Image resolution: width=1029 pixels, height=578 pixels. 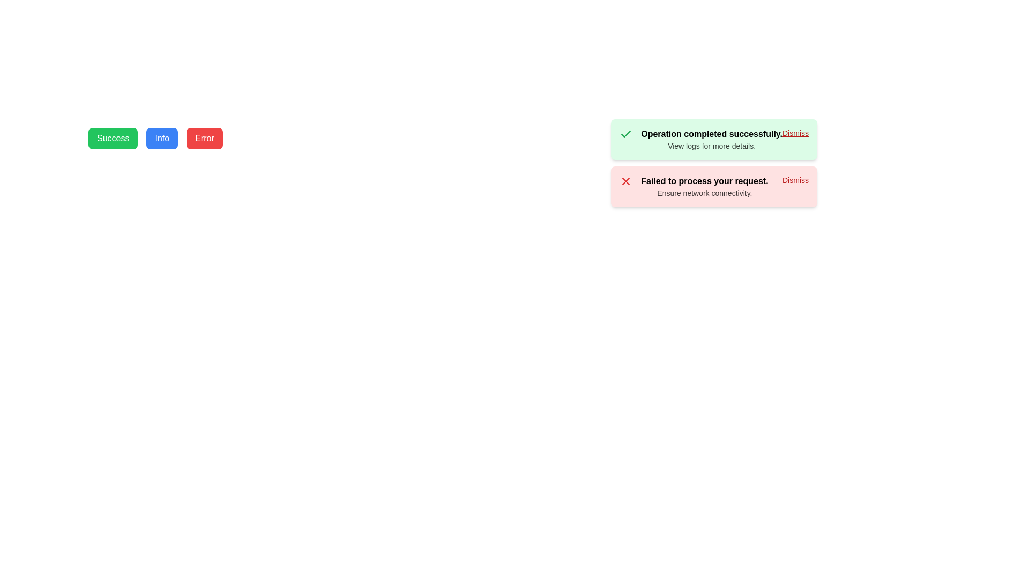 What do you see at coordinates (712, 133) in the screenshot?
I see `text from the Text Label that indicates a successful operation, which is located at the top of a notification block with a green background` at bounding box center [712, 133].